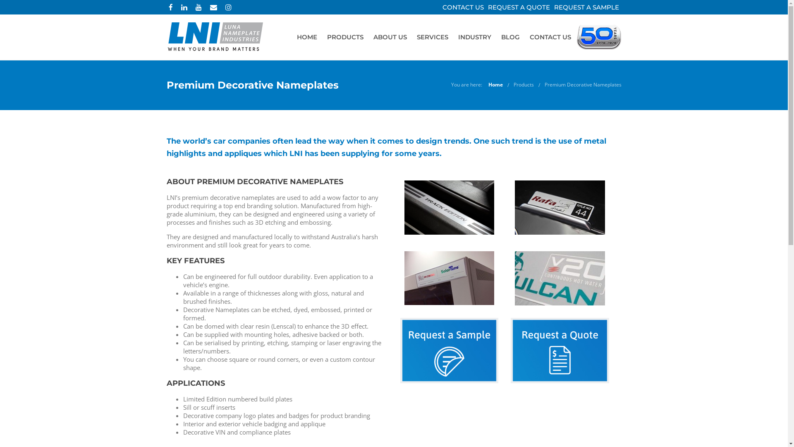 The height and width of the screenshot is (447, 794). What do you see at coordinates (488, 84) in the screenshot?
I see `'Home'` at bounding box center [488, 84].